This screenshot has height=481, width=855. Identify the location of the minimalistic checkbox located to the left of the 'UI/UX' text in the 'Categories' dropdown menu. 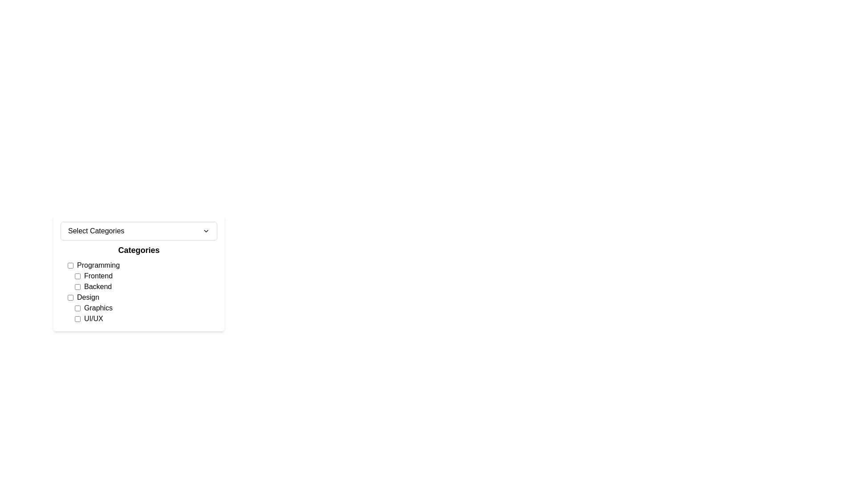
(77, 318).